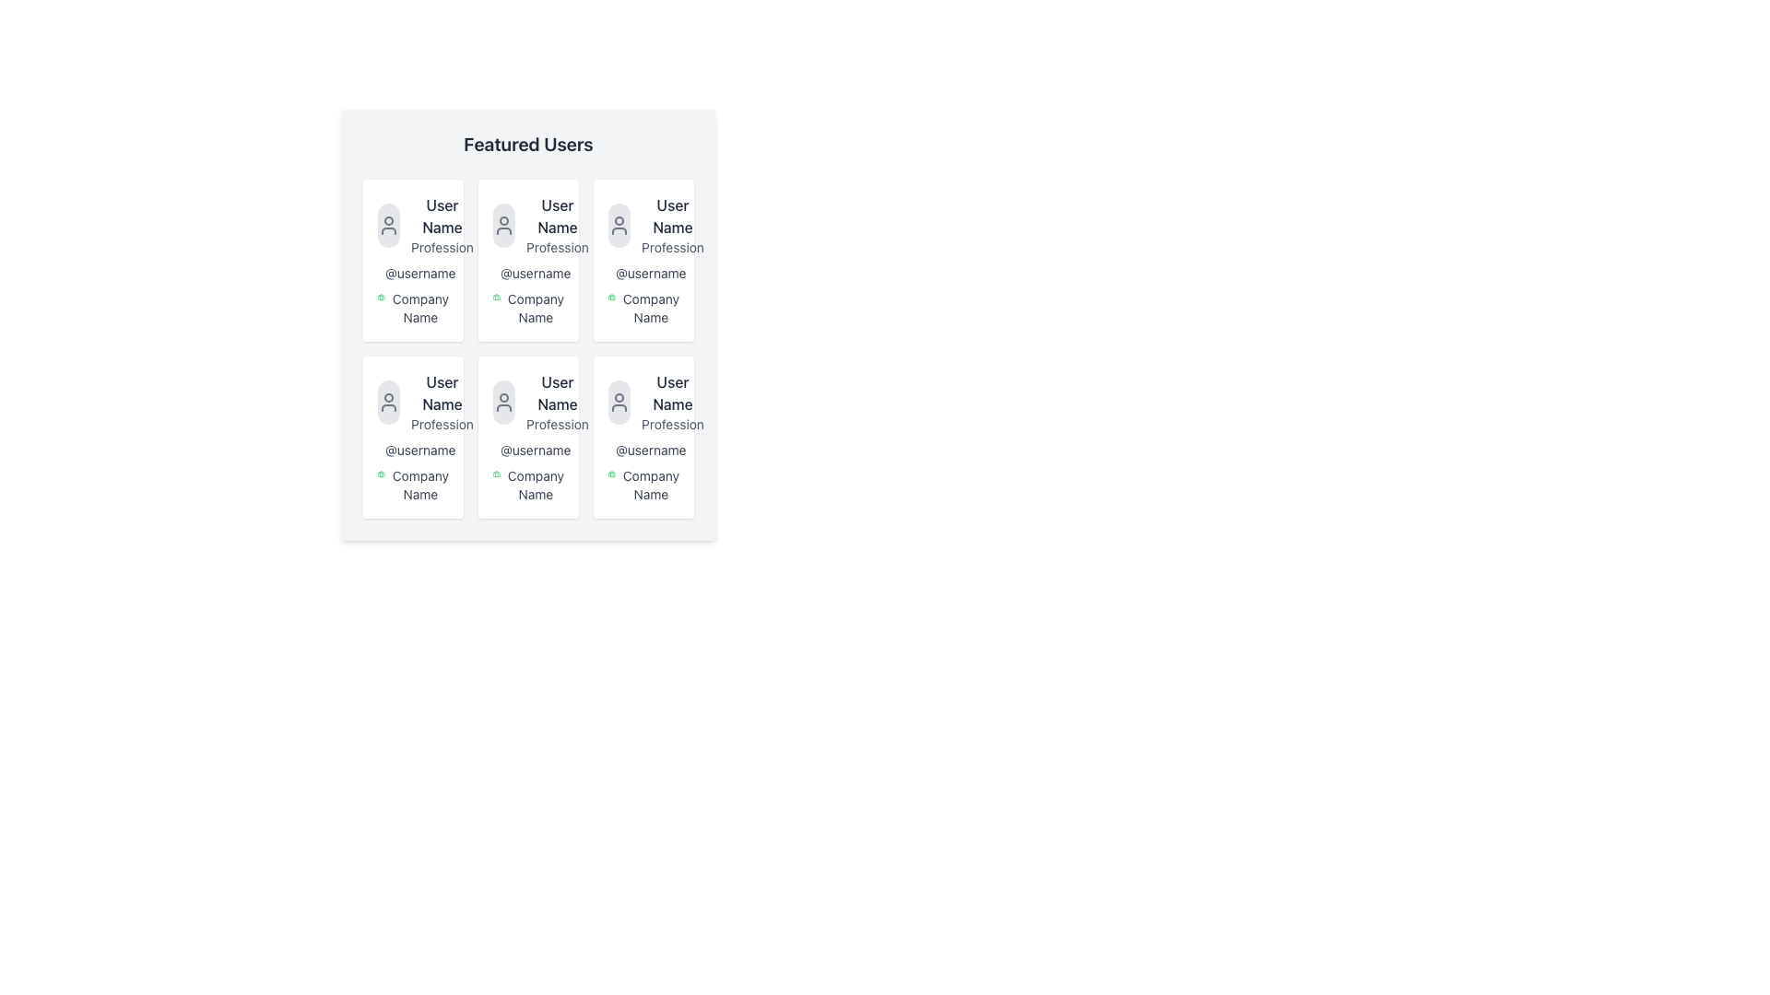  I want to click on the static text label displaying the user's name, which is located at the top of the user card, just below the avatar icon, so click(442, 216).